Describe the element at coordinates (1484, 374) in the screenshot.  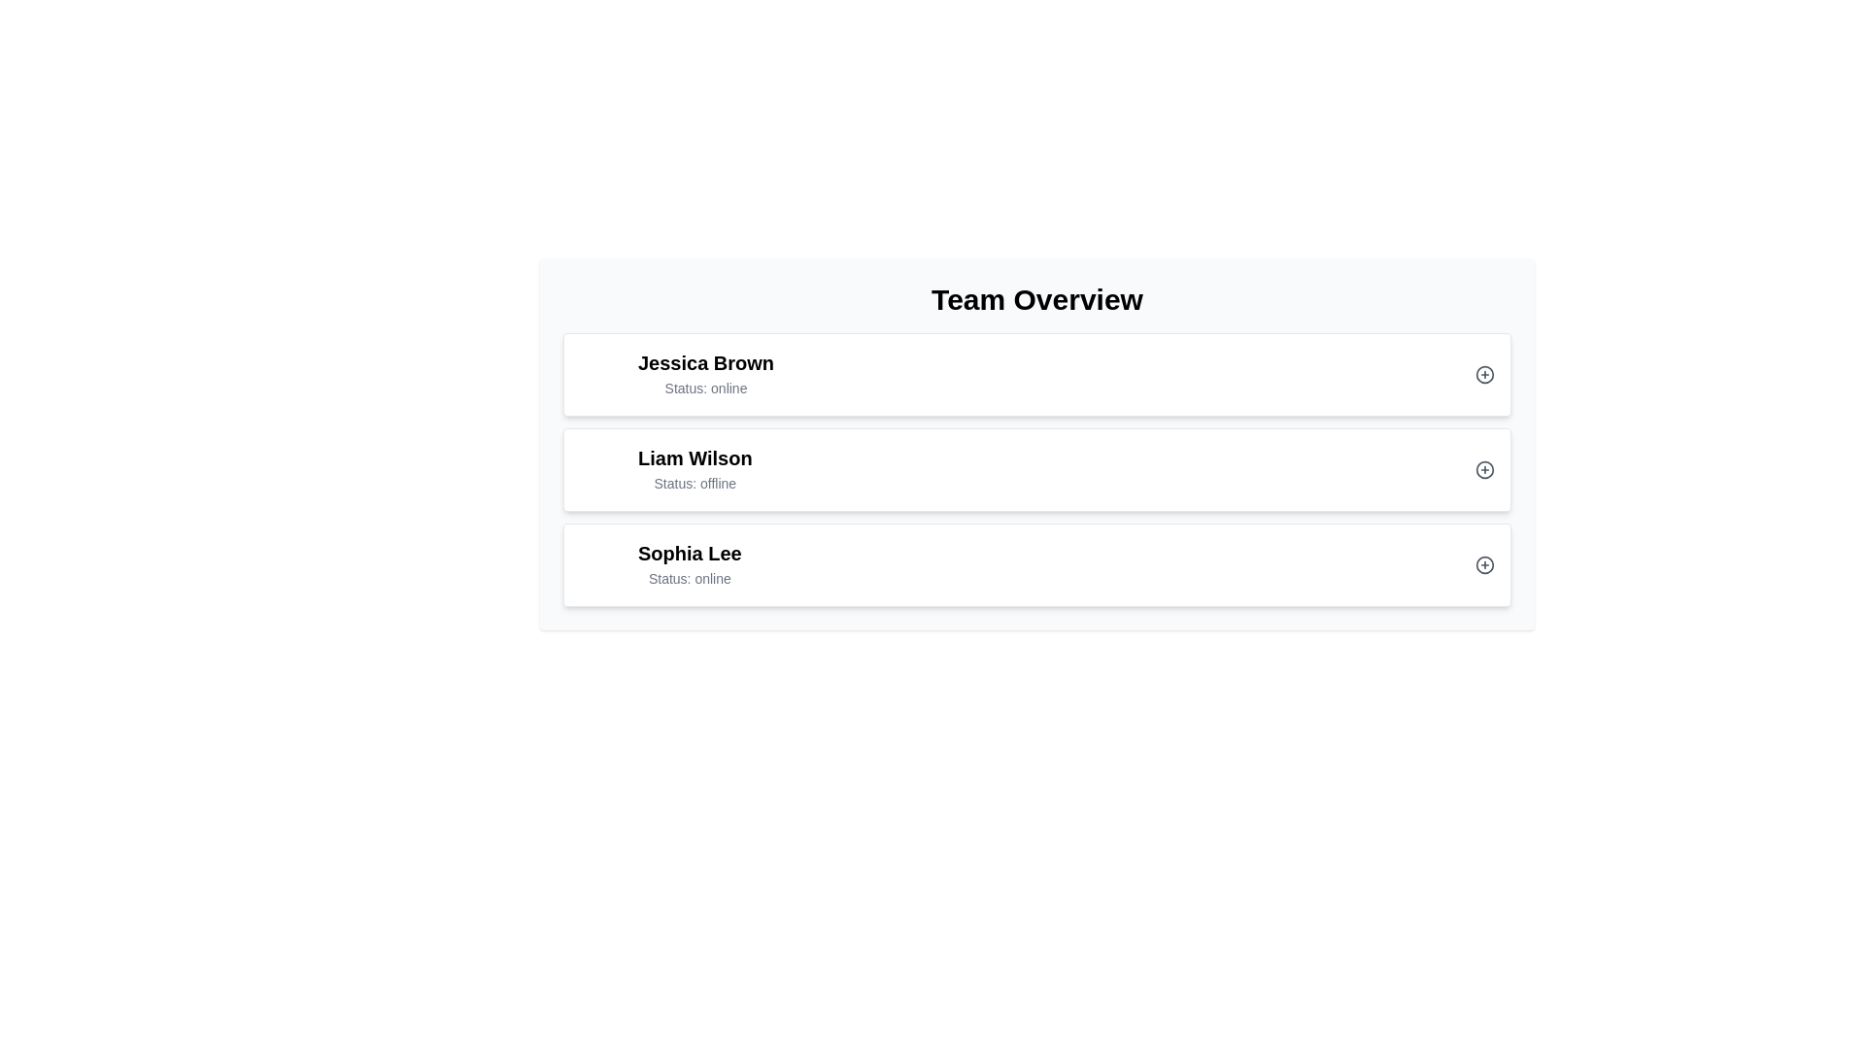
I see `the button` at that location.